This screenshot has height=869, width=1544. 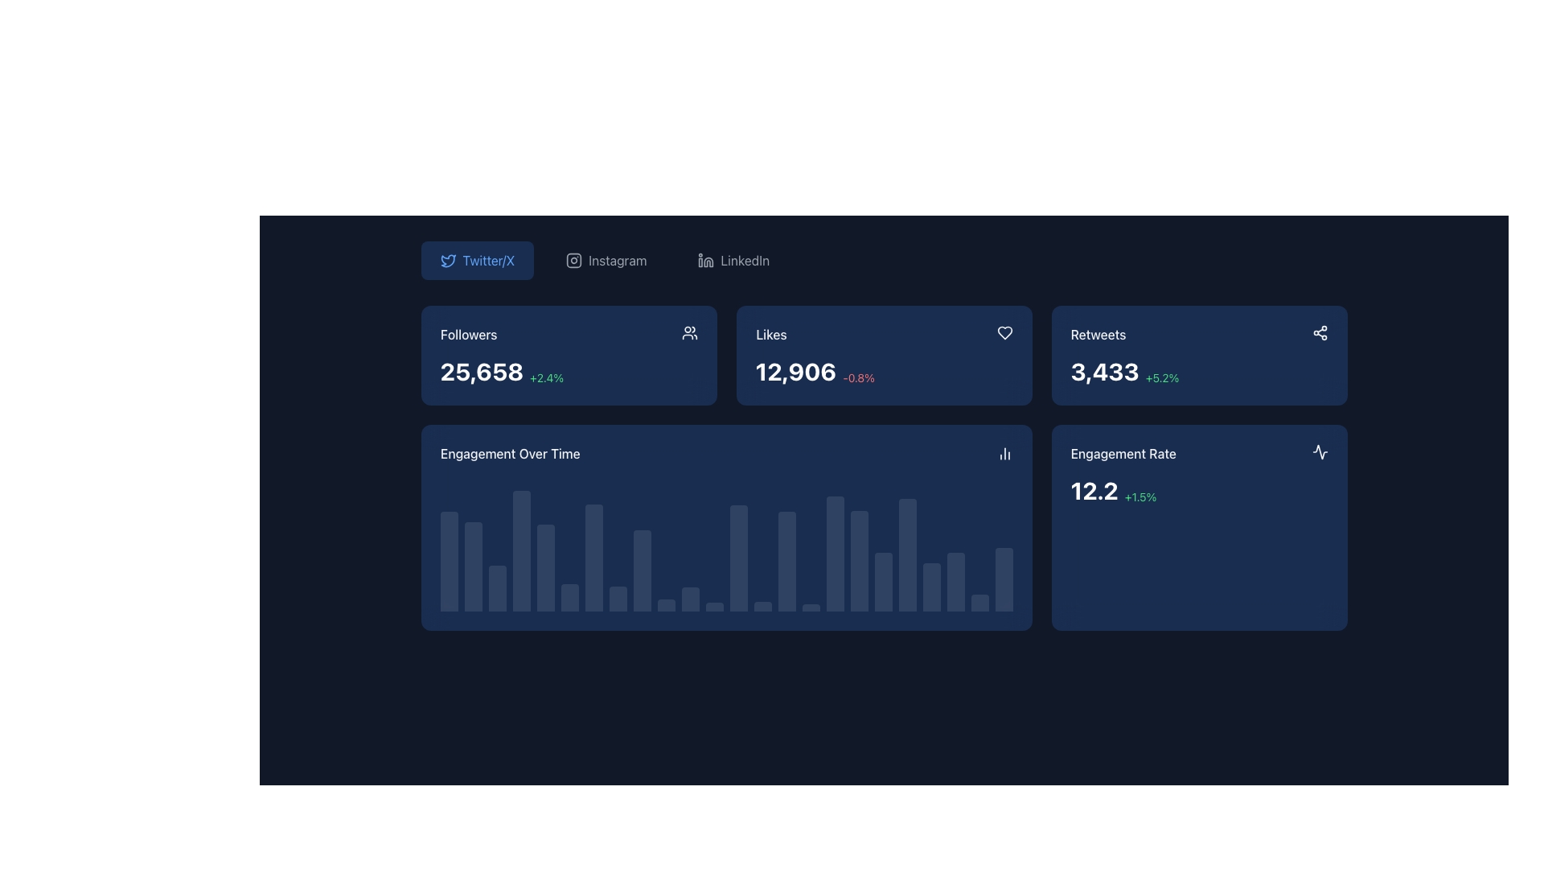 What do you see at coordinates (955, 582) in the screenshot?
I see `the 23rd column of the 'Engagement Over Time' bar chart, which visually represents a specific data point` at bounding box center [955, 582].